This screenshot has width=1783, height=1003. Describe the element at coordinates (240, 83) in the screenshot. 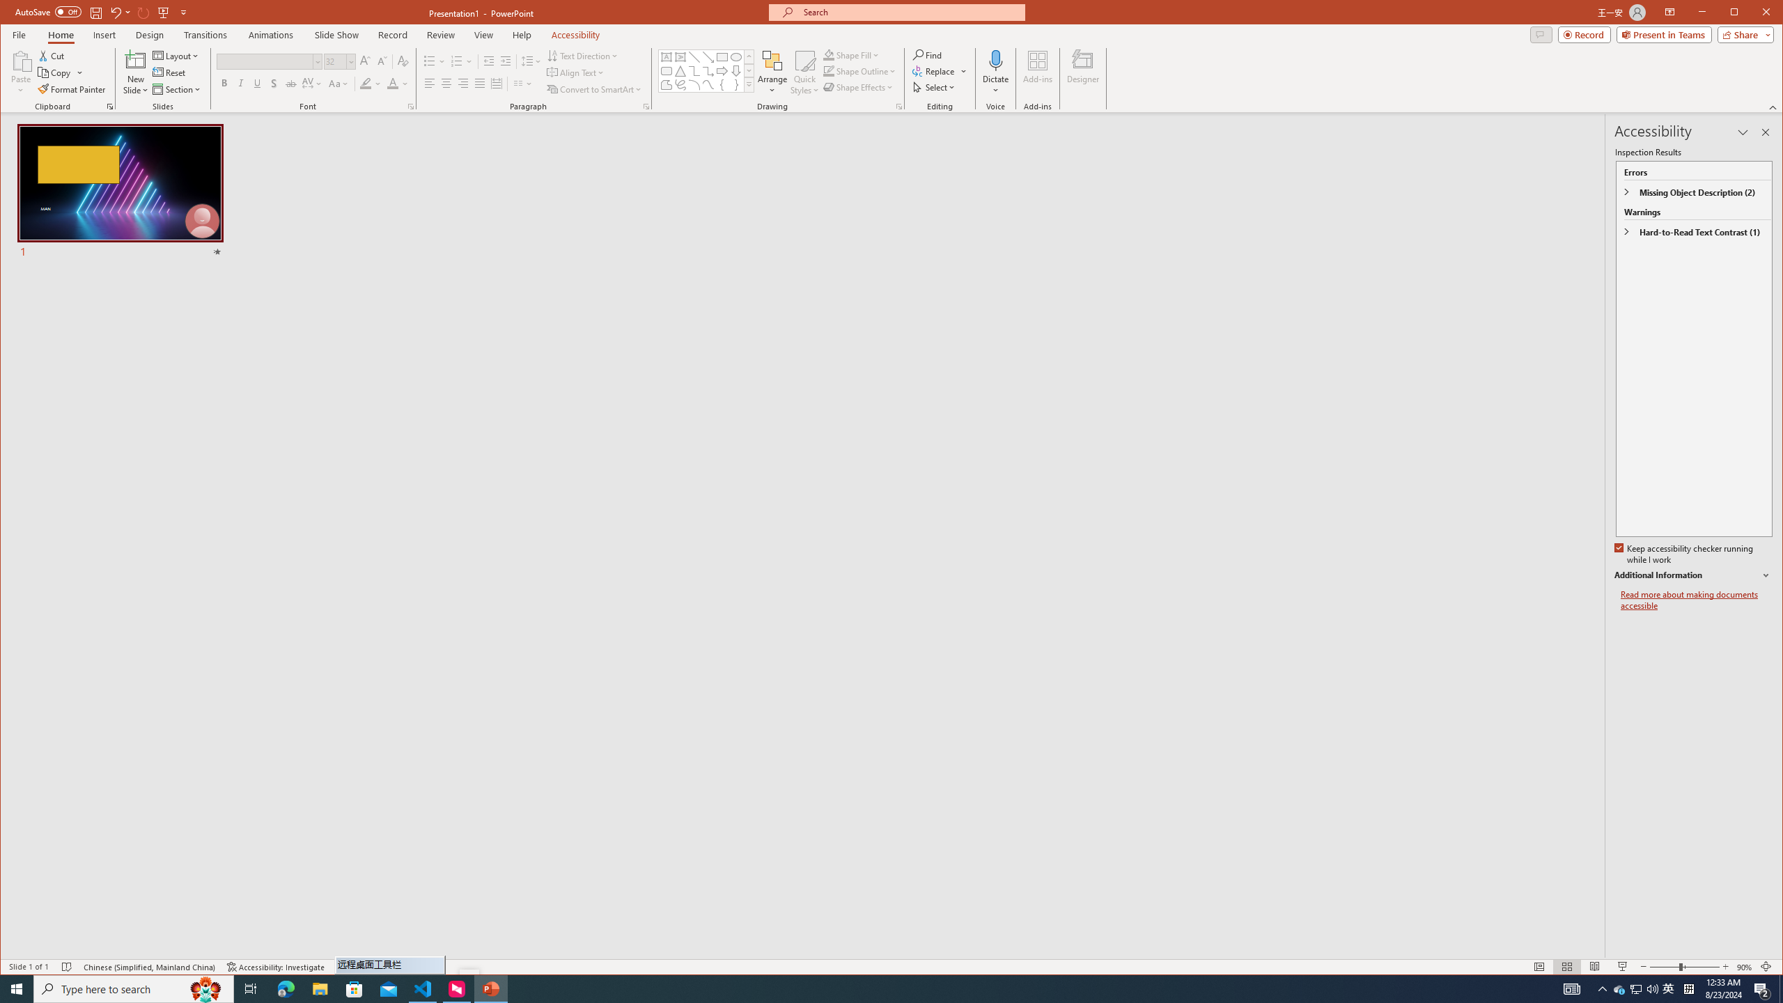

I see `'Italic'` at that location.